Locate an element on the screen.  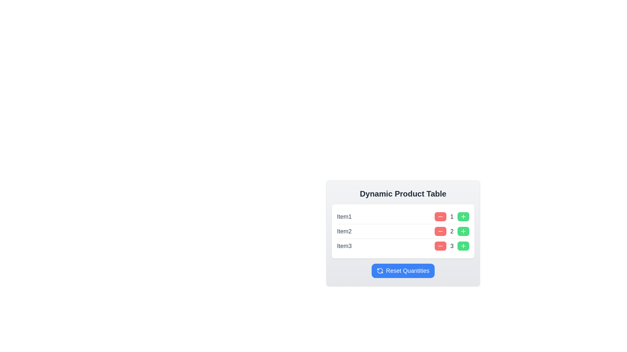
the reset button located at the bottom of the product table to interact with its tooltip is located at coordinates (403, 271).